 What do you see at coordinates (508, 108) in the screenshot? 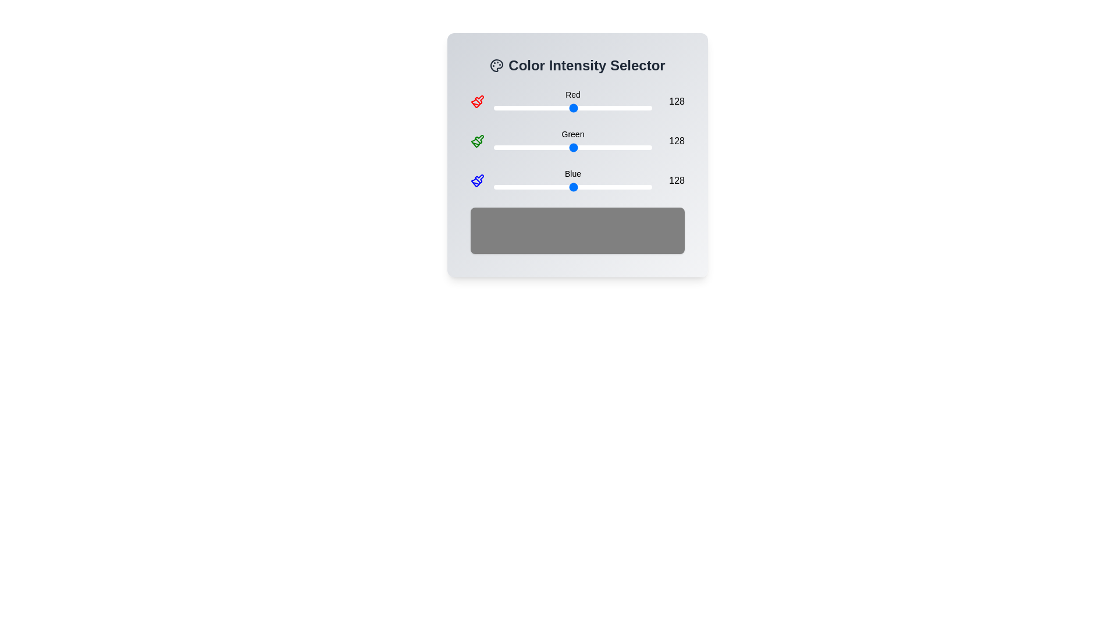
I see `the red intensity` at bounding box center [508, 108].